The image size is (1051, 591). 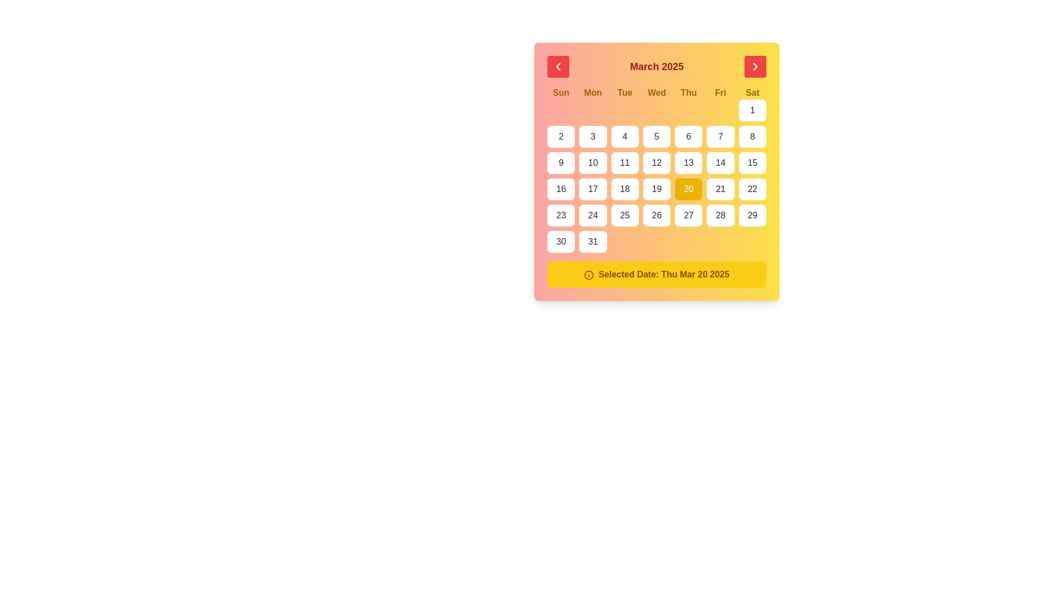 What do you see at coordinates (625, 189) in the screenshot?
I see `the button representing the date '18' in the calendar interface` at bounding box center [625, 189].